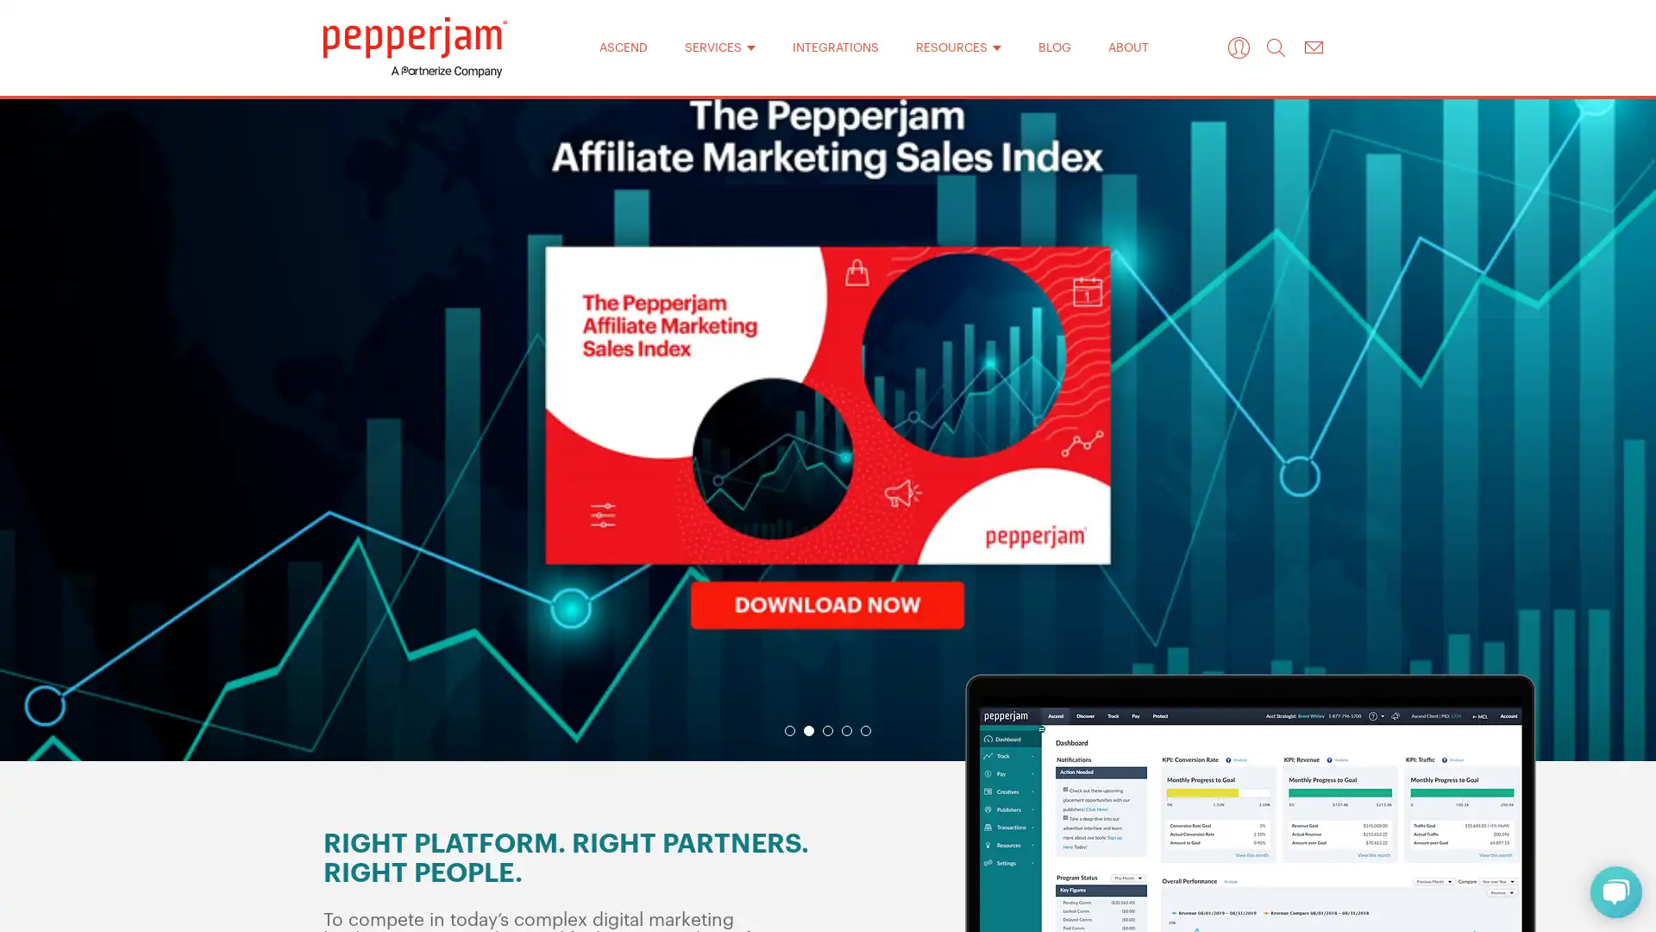 The image size is (1656, 932). What do you see at coordinates (1051, 189) in the screenshot?
I see `Close` at bounding box center [1051, 189].